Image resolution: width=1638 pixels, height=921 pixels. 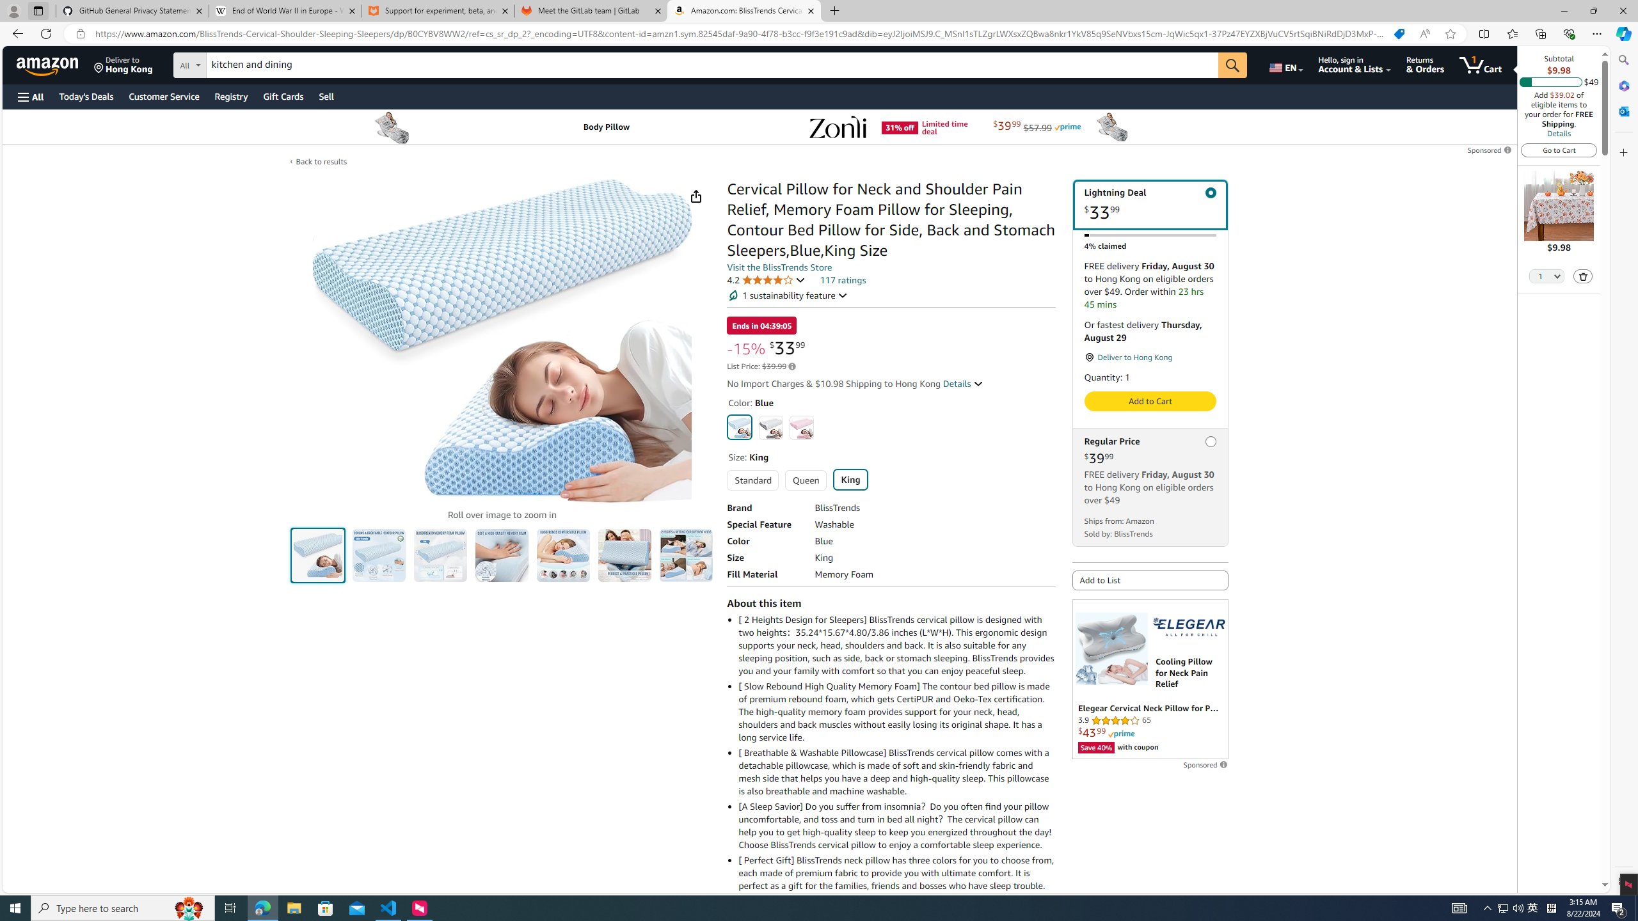 What do you see at coordinates (962, 384) in the screenshot?
I see `'Details '` at bounding box center [962, 384].